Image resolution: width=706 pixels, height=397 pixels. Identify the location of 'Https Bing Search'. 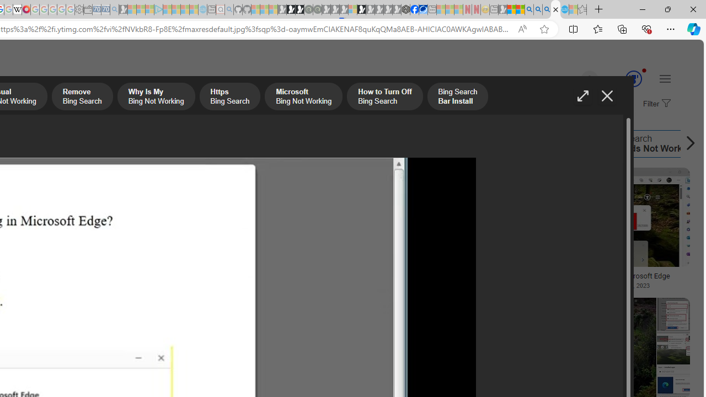
(229, 97).